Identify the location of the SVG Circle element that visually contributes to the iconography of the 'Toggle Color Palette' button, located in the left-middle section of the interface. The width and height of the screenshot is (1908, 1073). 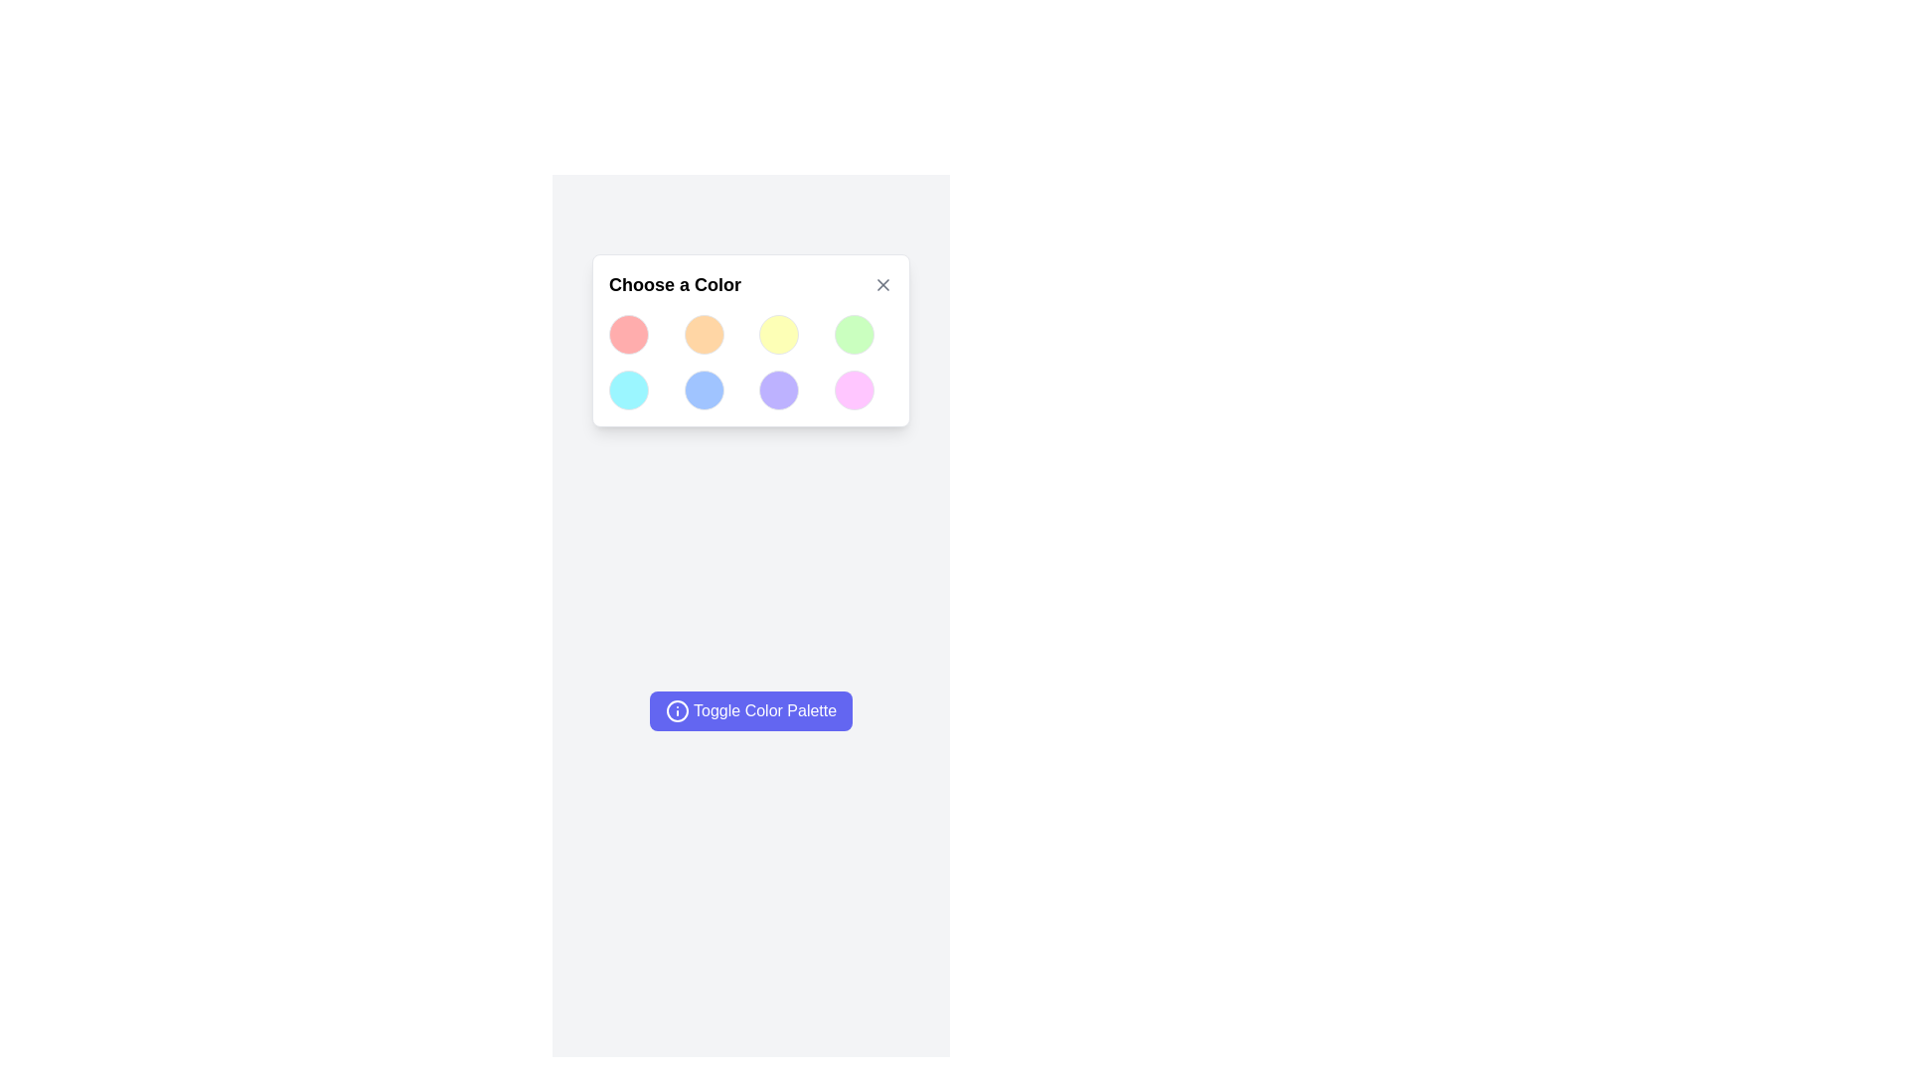
(677, 710).